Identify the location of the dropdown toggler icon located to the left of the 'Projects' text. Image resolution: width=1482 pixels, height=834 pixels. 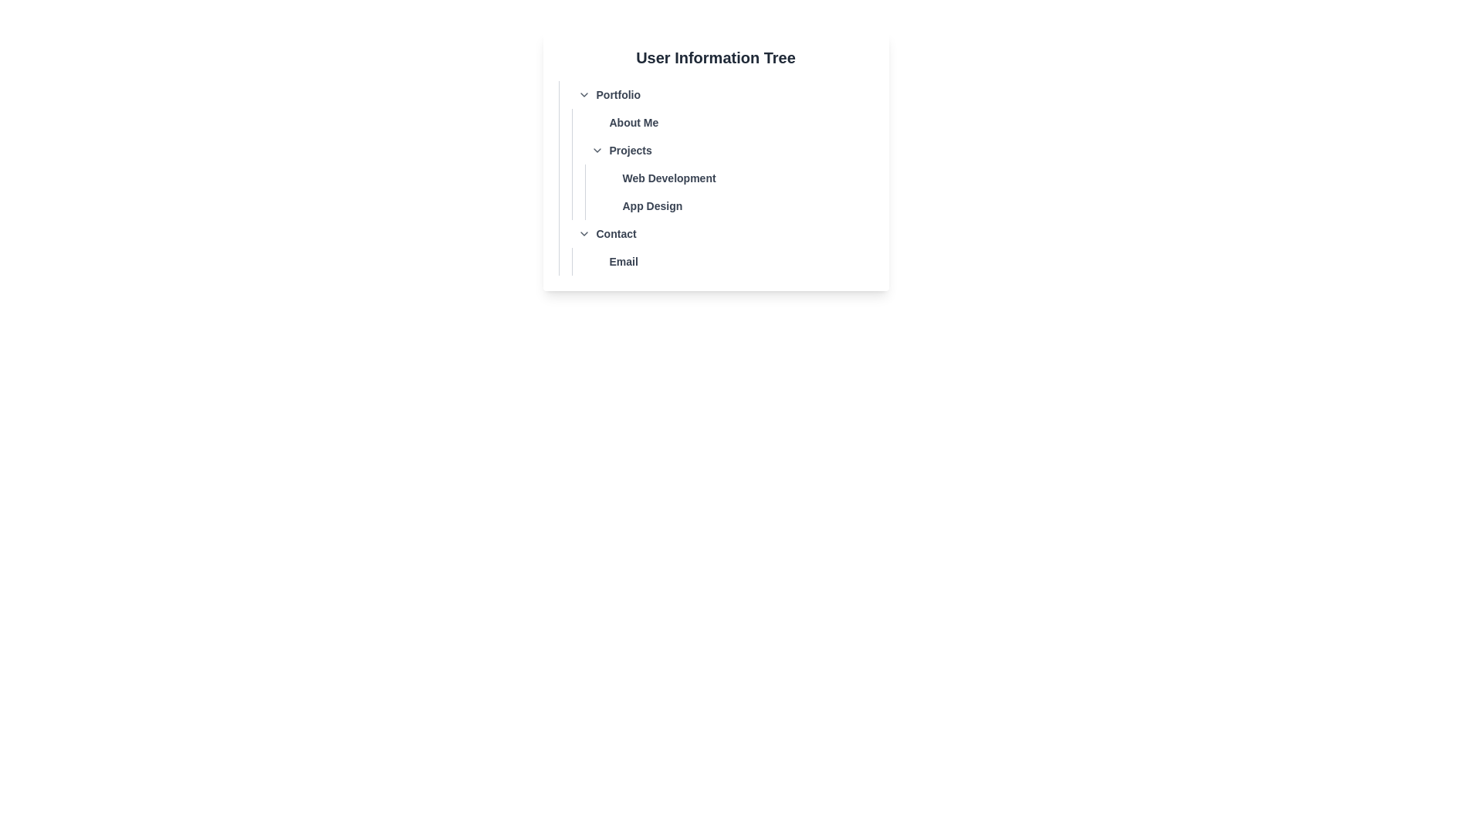
(596, 151).